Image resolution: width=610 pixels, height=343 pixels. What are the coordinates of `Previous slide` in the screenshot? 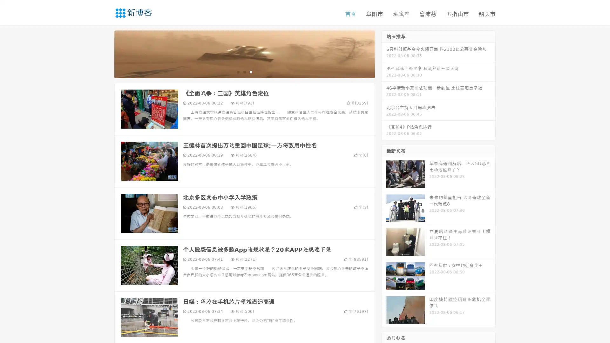 It's located at (105, 53).